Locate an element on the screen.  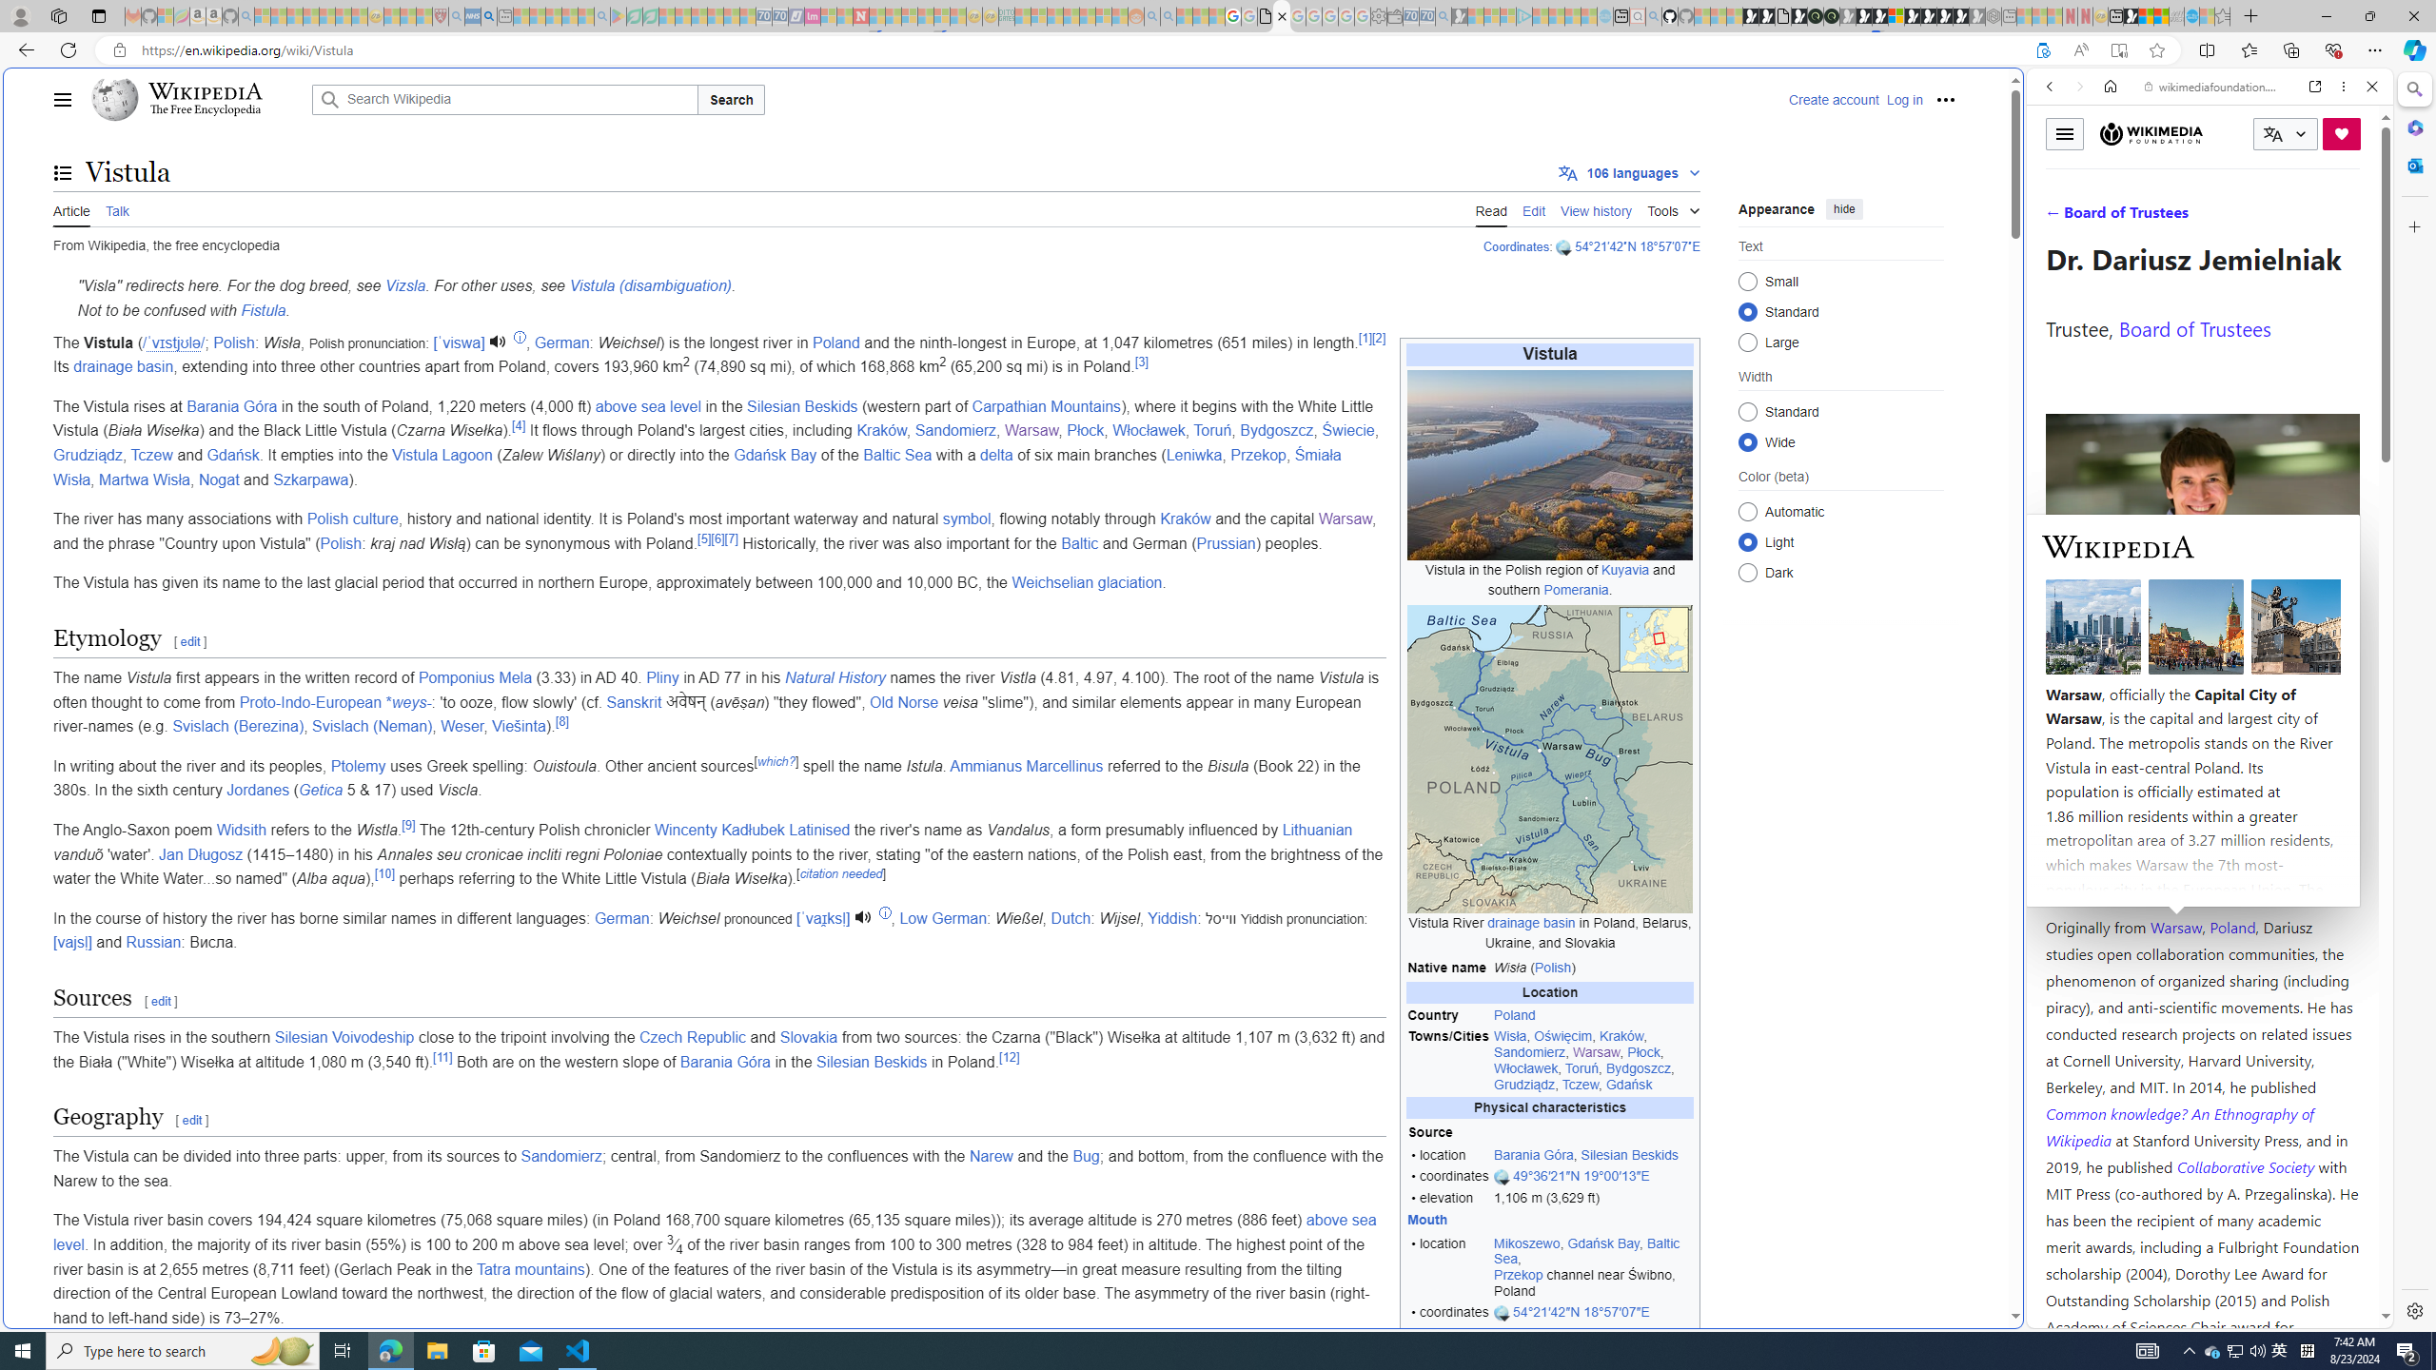
'Wikimedia Foundation' is located at coordinates (2151, 132).